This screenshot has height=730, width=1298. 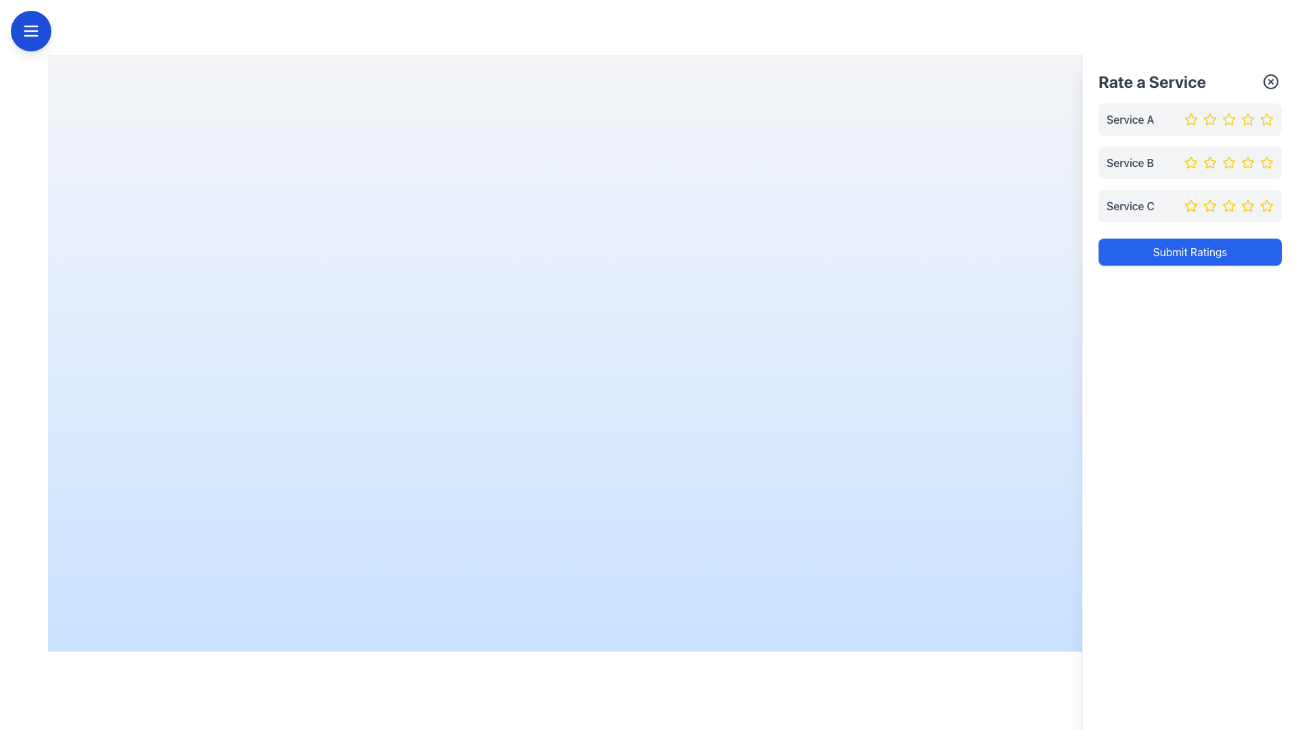 I want to click on the interactive star icons of the 'Service A' rating component, so click(x=1190, y=119).